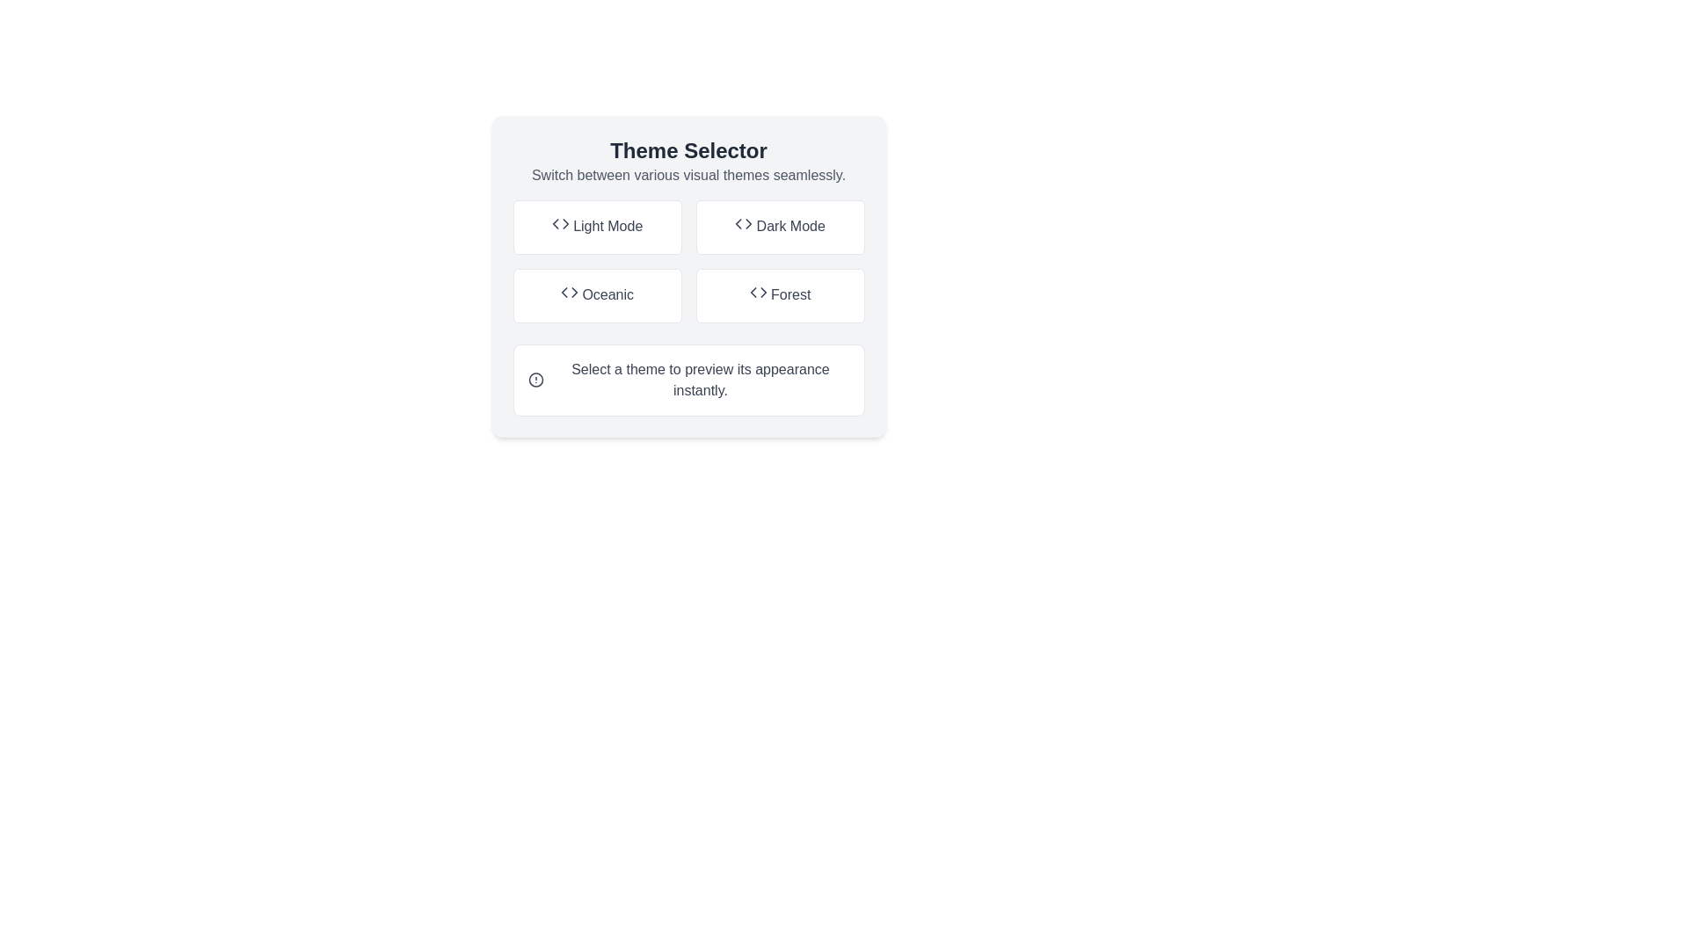  What do you see at coordinates (763, 291) in the screenshot?
I see `the rightward pointing triangular decorative icon, which is part of a code-like theme icon, located to the right of the leftward pointing triangle near the 'Forest' label` at bounding box center [763, 291].